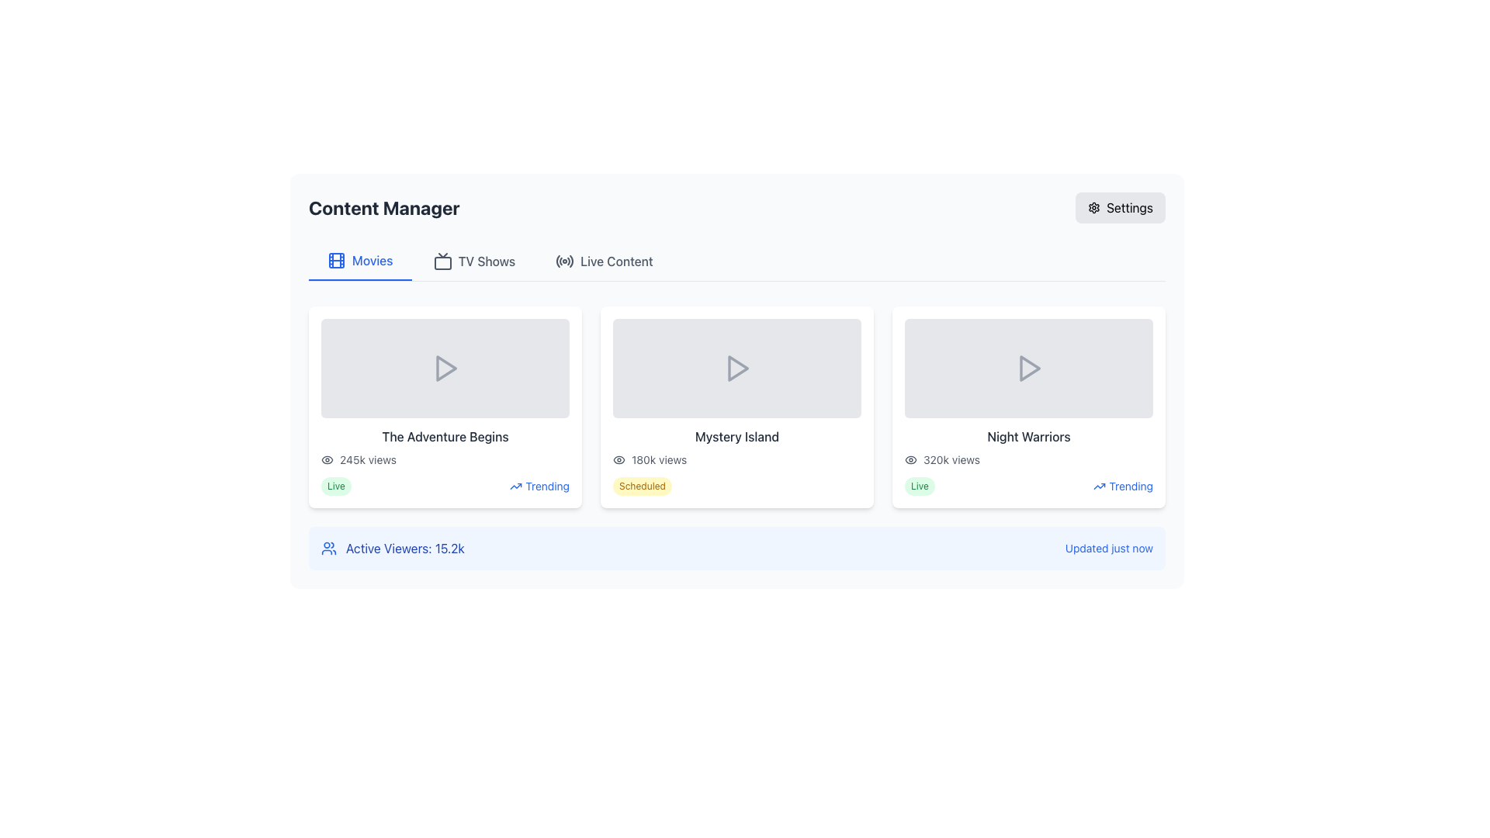 Image resolution: width=1490 pixels, height=838 pixels. I want to click on the 'Live Content' tab in the navigation bar, so click(736, 261).